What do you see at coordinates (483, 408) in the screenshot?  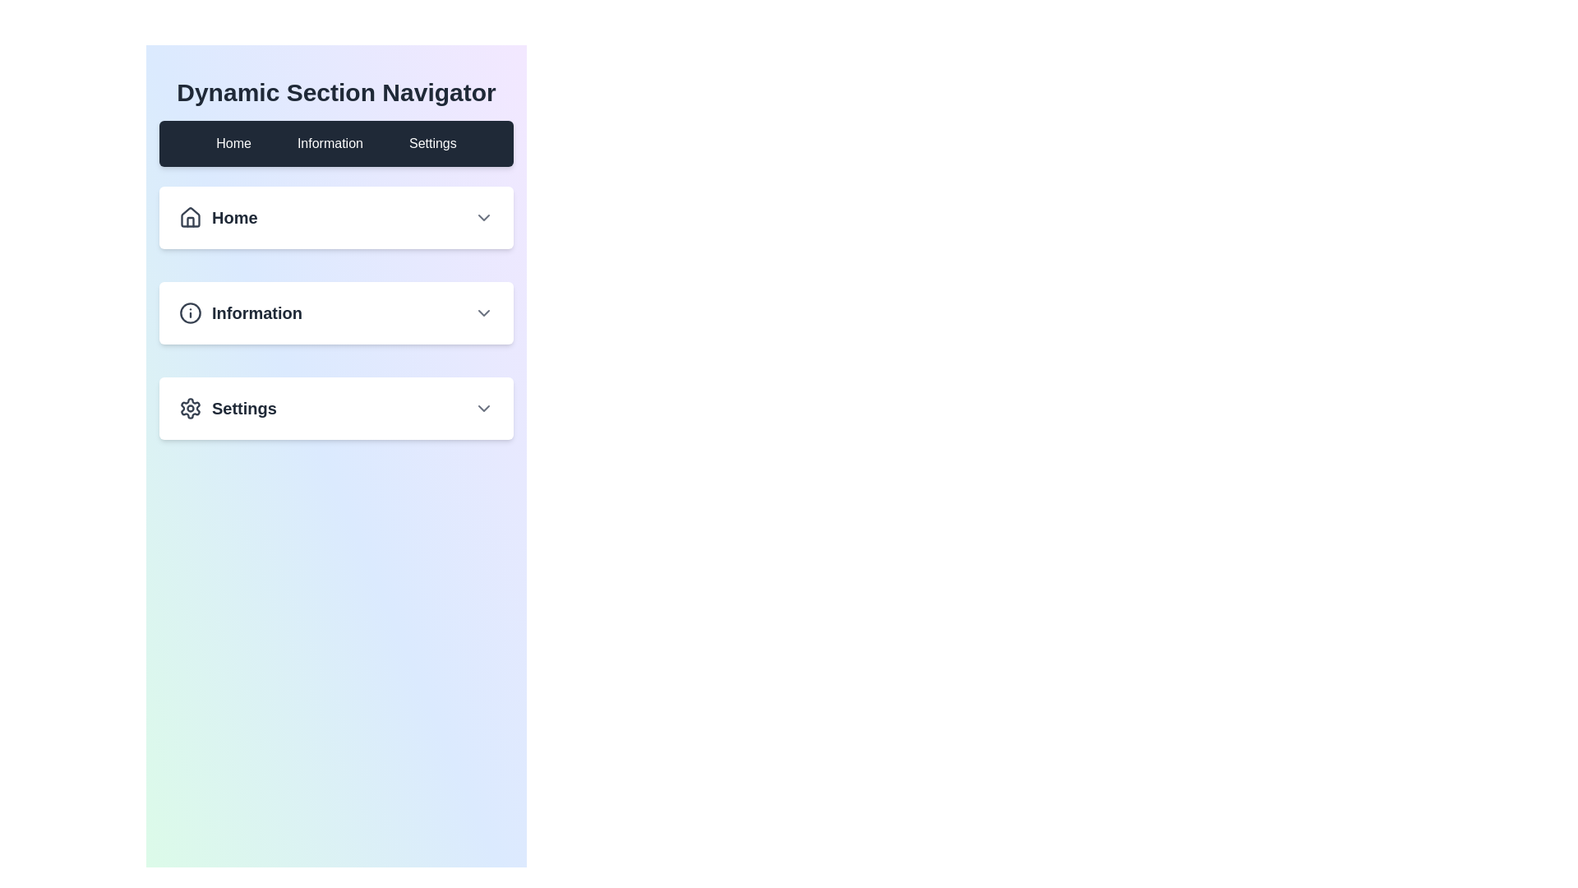 I see `the Chevron icon at the end of the Settings row` at bounding box center [483, 408].